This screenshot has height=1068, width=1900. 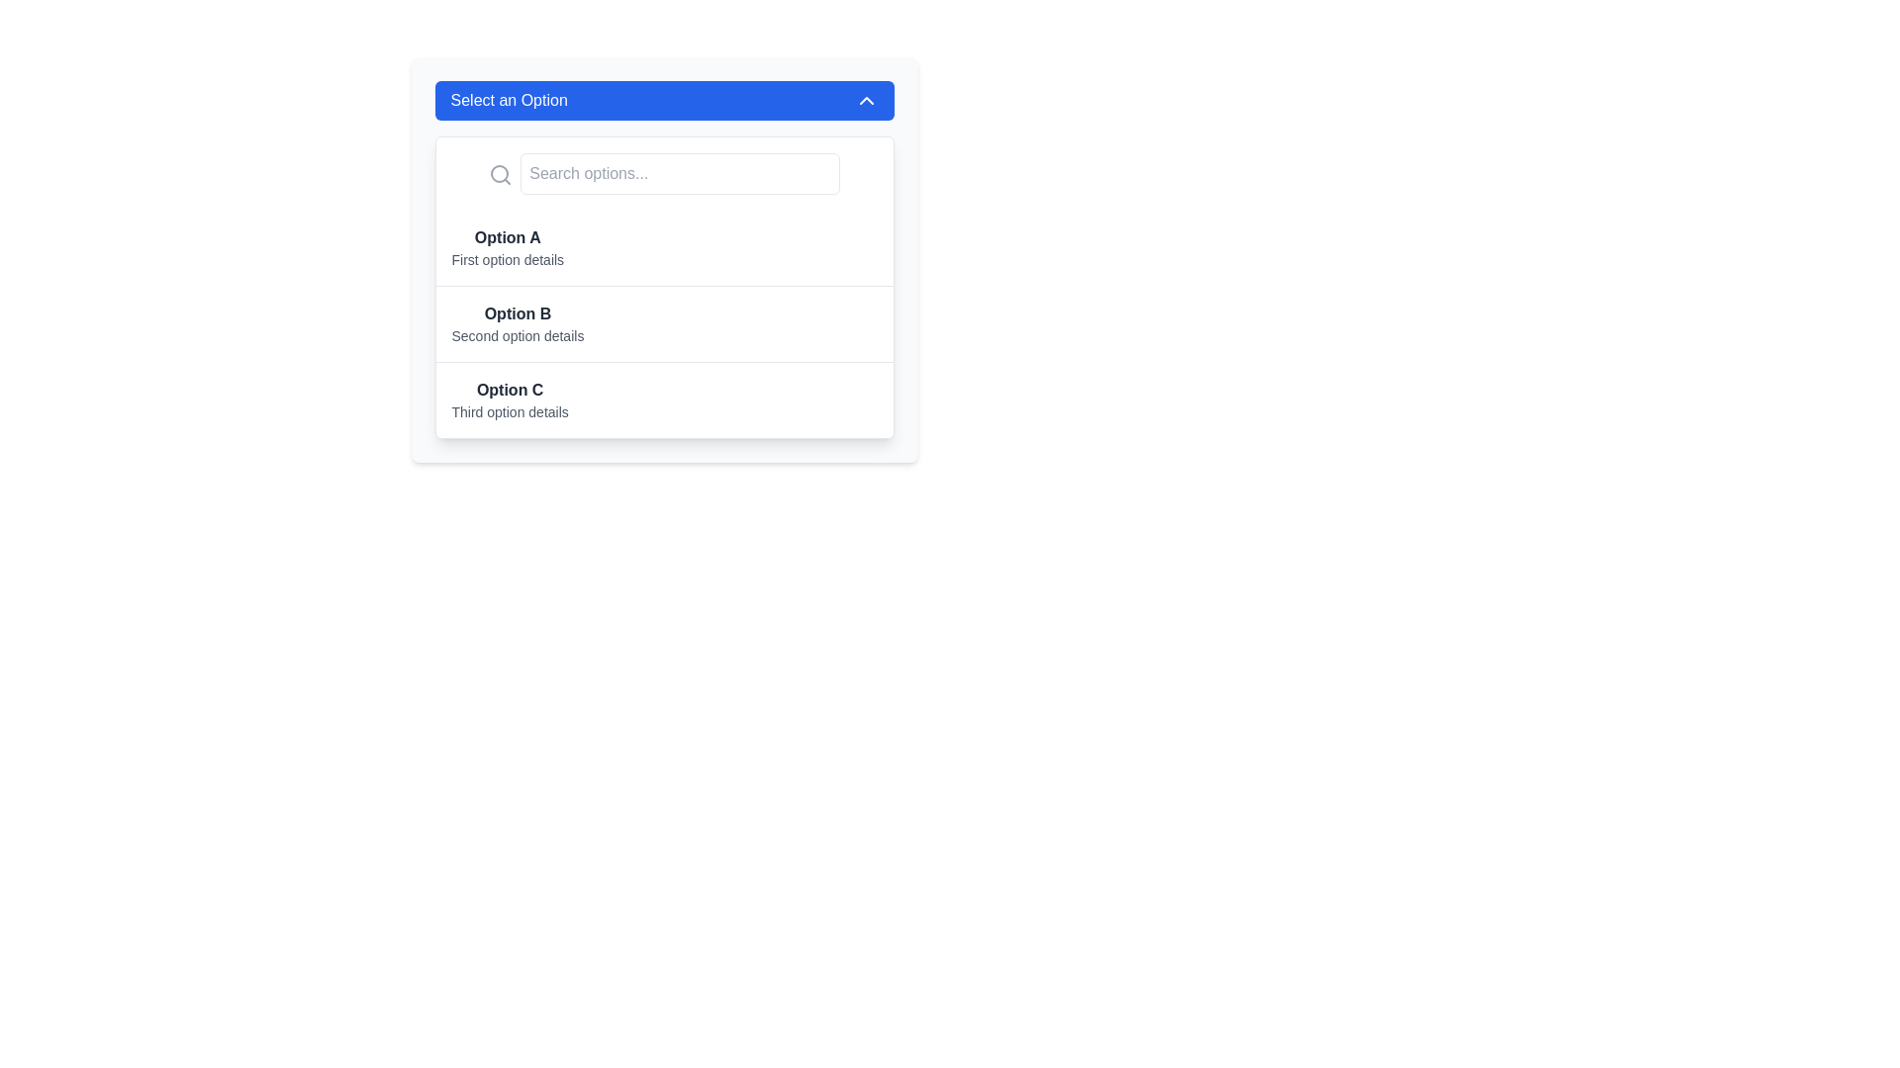 I want to click on text within the search input field located just below the blue header labeled 'Select an Option.', so click(x=664, y=173).